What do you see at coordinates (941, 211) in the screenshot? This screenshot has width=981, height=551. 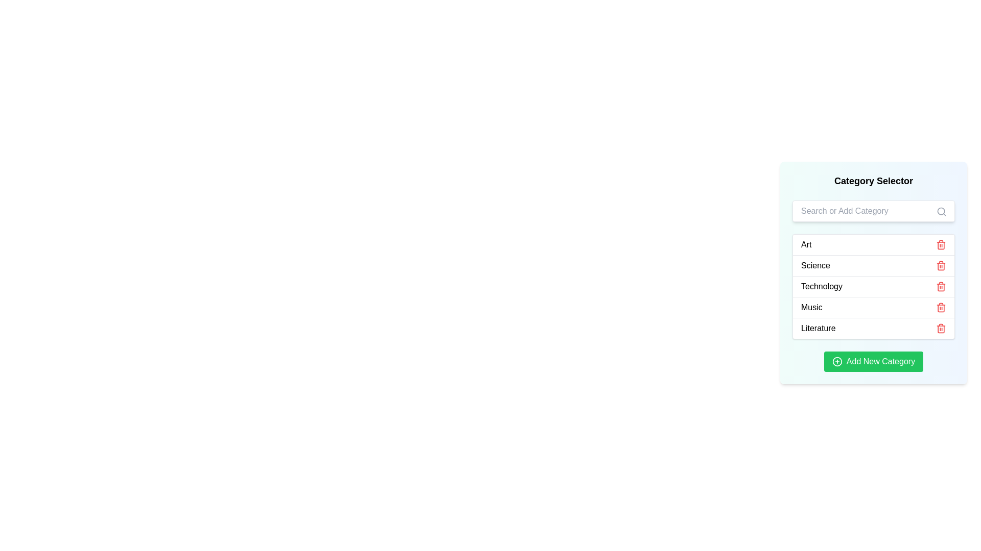 I see `the circular element of the search icon, which is part of the search functionality located on the right side of the 'Search or Add Category' input box` at bounding box center [941, 211].